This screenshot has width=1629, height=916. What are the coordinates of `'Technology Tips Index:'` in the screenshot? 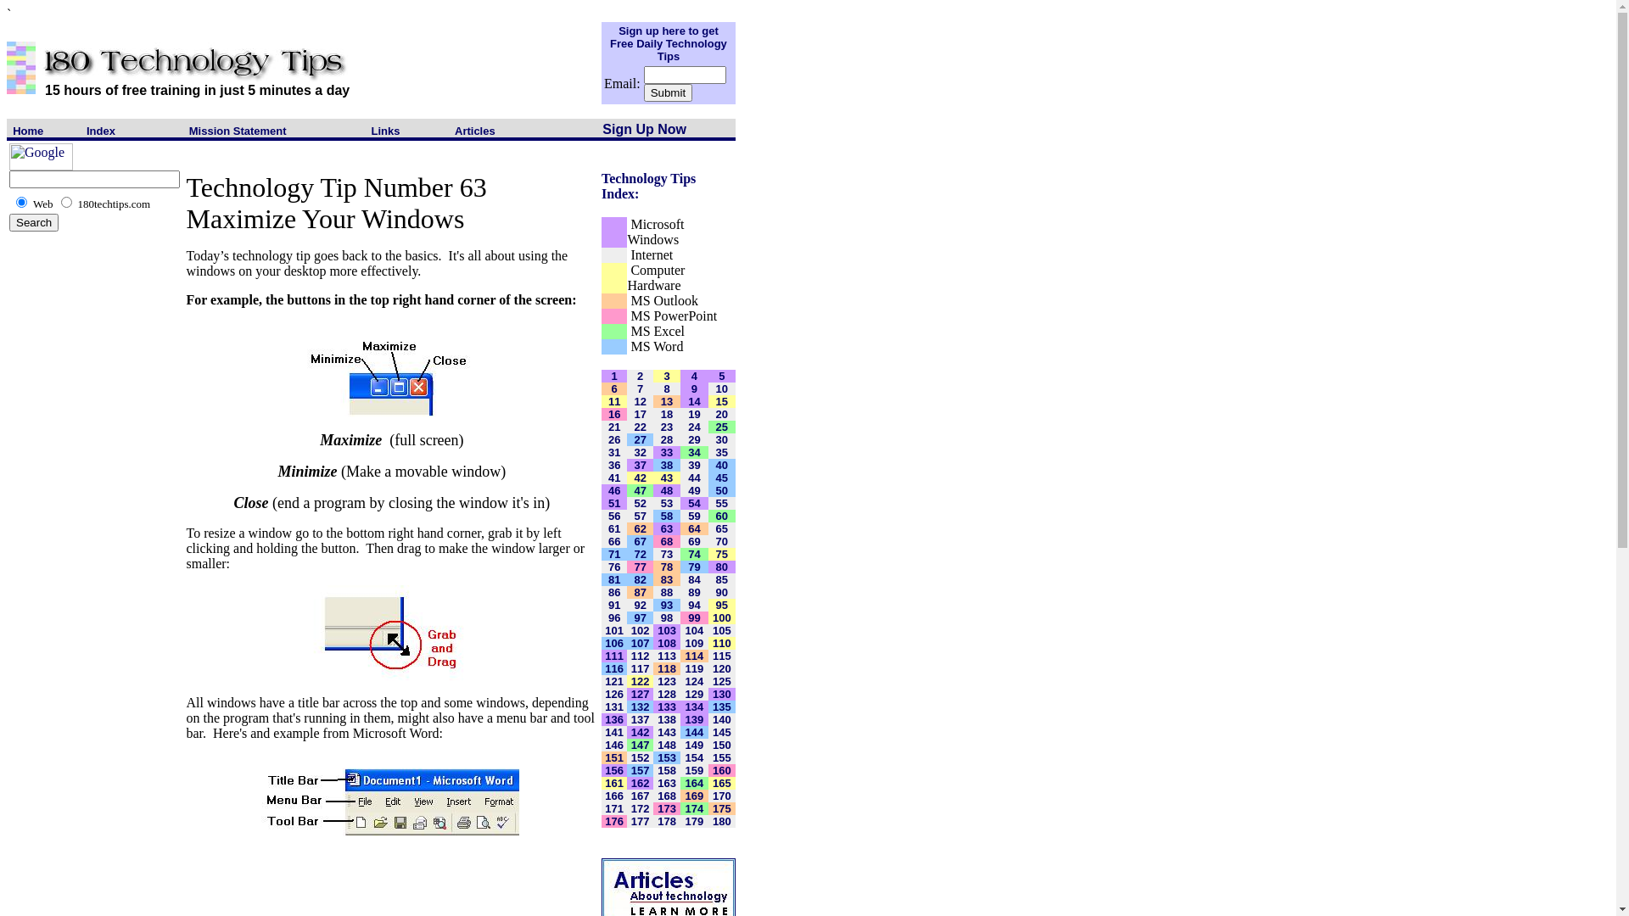 It's located at (647, 186).